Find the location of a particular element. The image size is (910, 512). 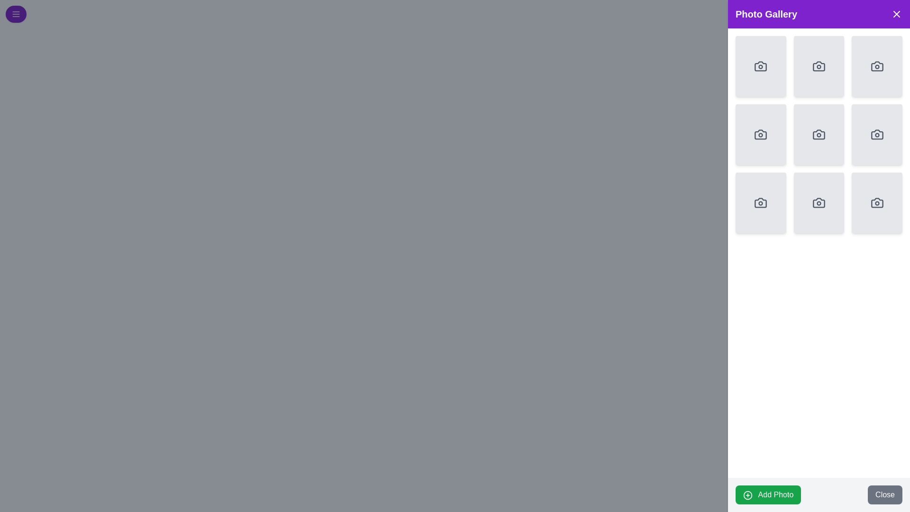

the purple circular button with three horizontal white lines is located at coordinates (16, 14).